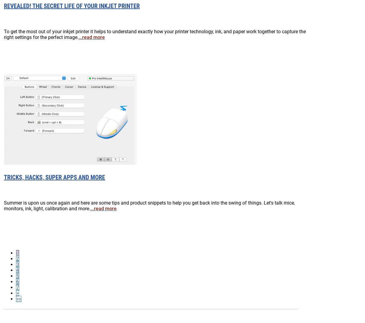  I want to click on 'To get the most out of your inkjet printer it helps to understand exactly how your printer technology, ink, and paper work together to capture the right settings for the perfect image.', so click(155, 34).